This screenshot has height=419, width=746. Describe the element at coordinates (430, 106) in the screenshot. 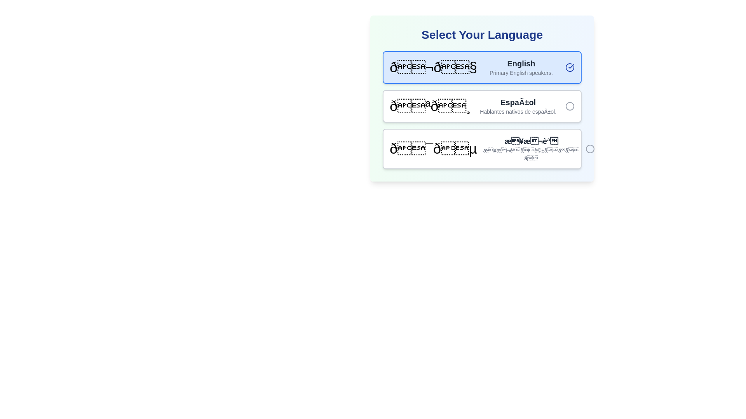

I see `the large black and white flag emoji located at the leftmost side of the second selectable card in the language selection interface, which precedes the text 'Español.'` at that location.